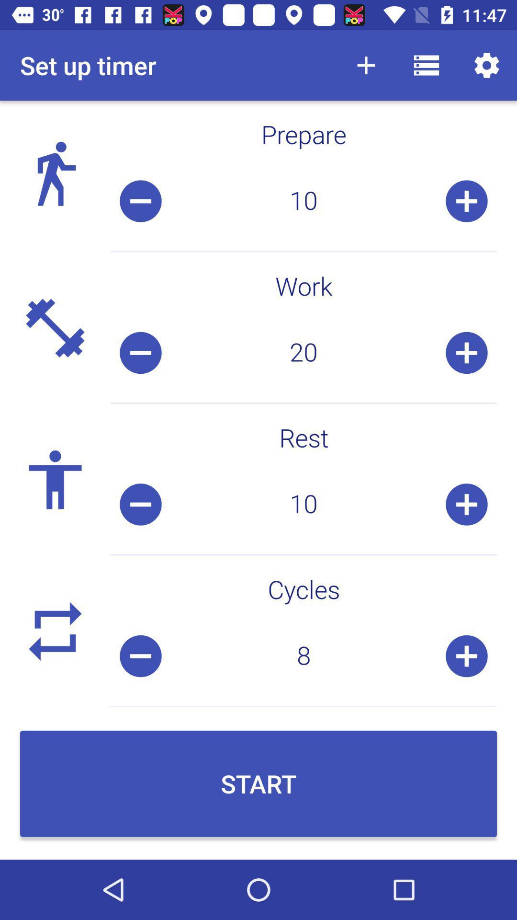 This screenshot has height=920, width=517. Describe the element at coordinates (303, 352) in the screenshot. I see `icon above the rest icon` at that location.